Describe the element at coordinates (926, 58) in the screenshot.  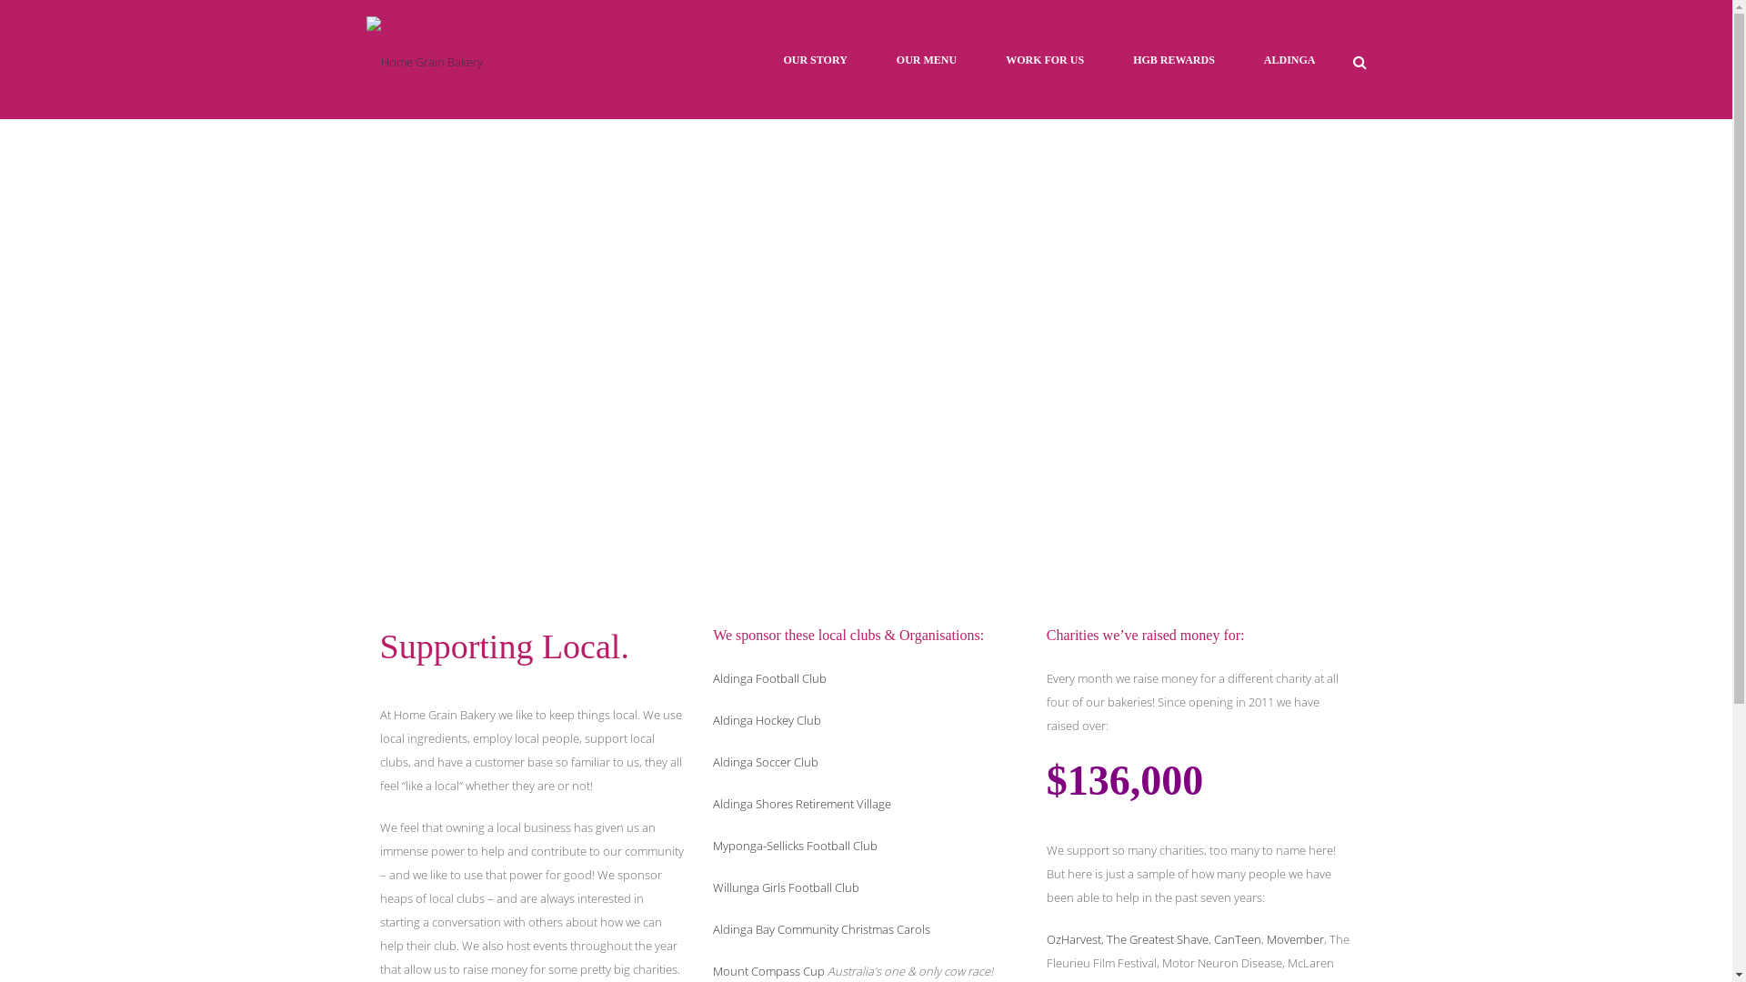
I see `'OUR MENU'` at that location.